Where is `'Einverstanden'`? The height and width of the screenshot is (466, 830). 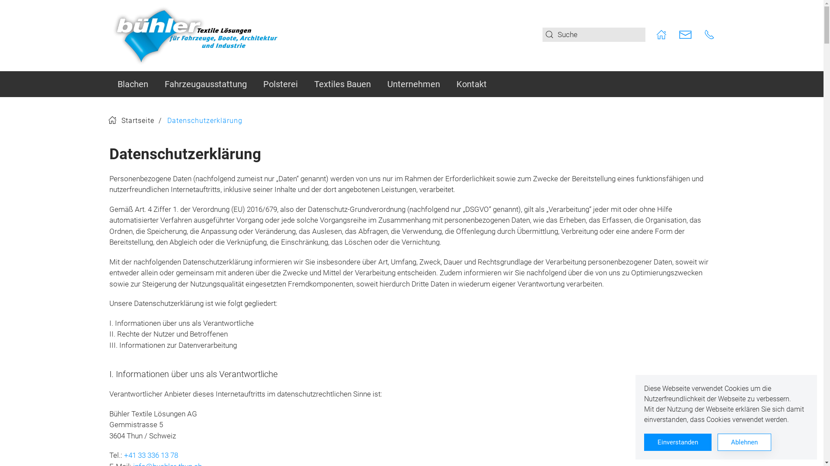
'Einverstanden' is located at coordinates (677, 442).